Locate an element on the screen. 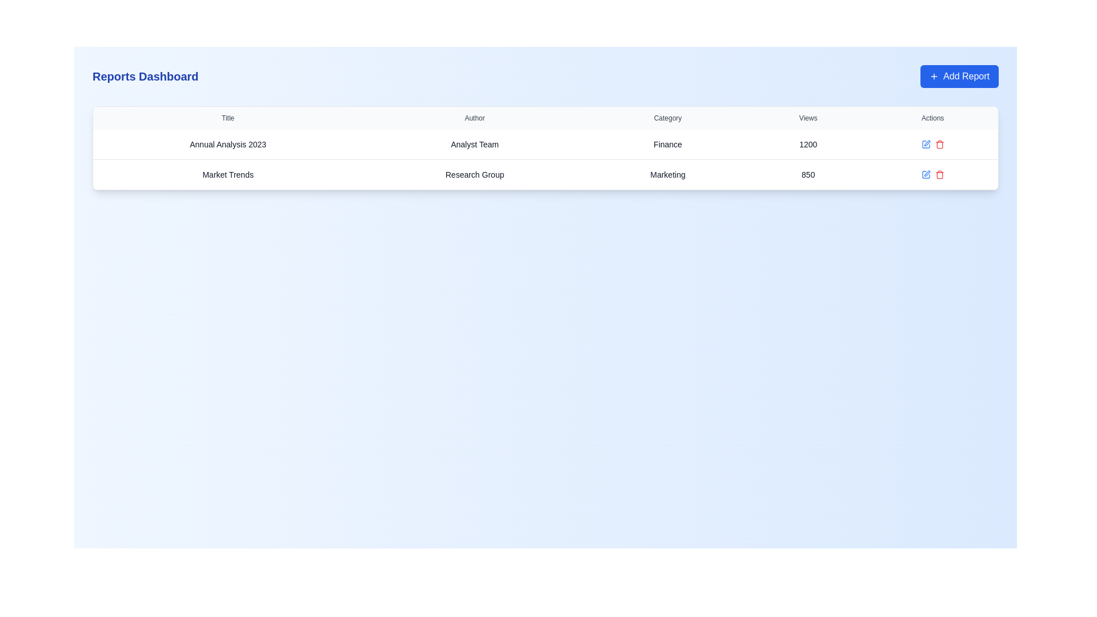 Image resolution: width=1097 pixels, height=617 pixels. the 'Views' text label, which is the fourth header in a table, styled in gray with a small-sized font, located between 'Category' and 'Actions' is located at coordinates (807, 118).